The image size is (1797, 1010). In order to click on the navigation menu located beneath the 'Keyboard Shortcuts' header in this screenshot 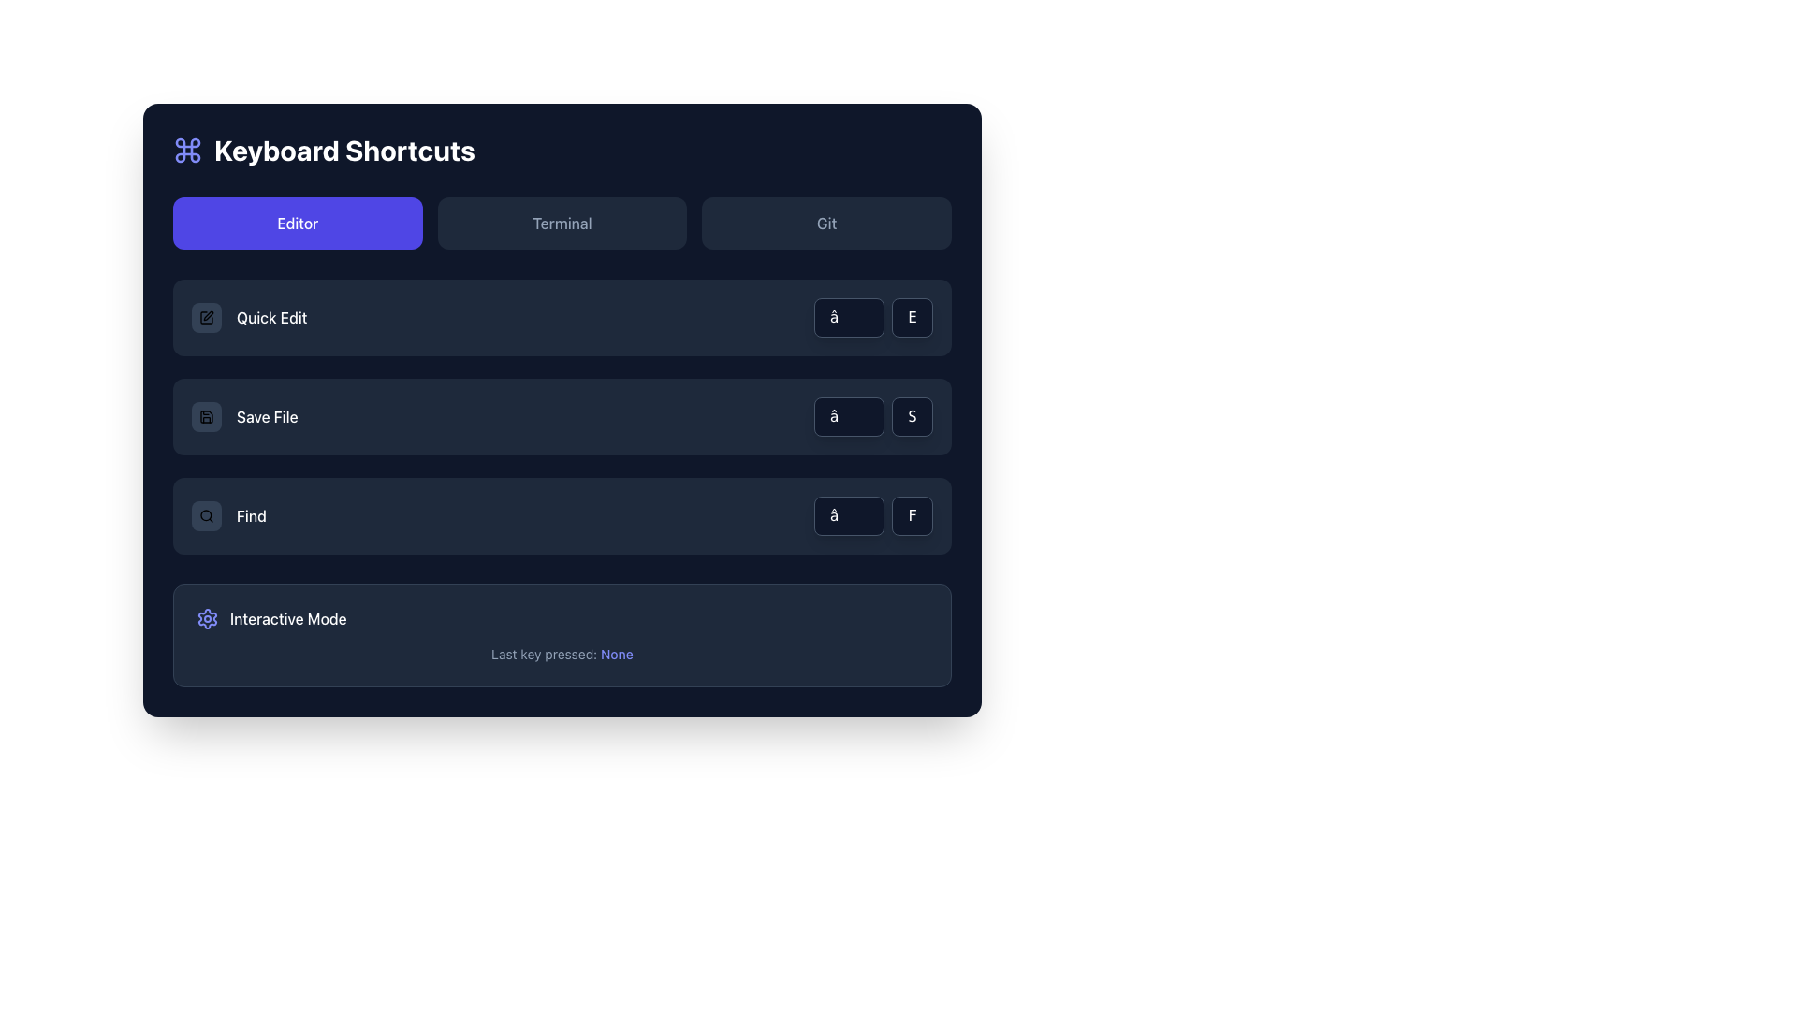, I will do `click(561, 223)`.